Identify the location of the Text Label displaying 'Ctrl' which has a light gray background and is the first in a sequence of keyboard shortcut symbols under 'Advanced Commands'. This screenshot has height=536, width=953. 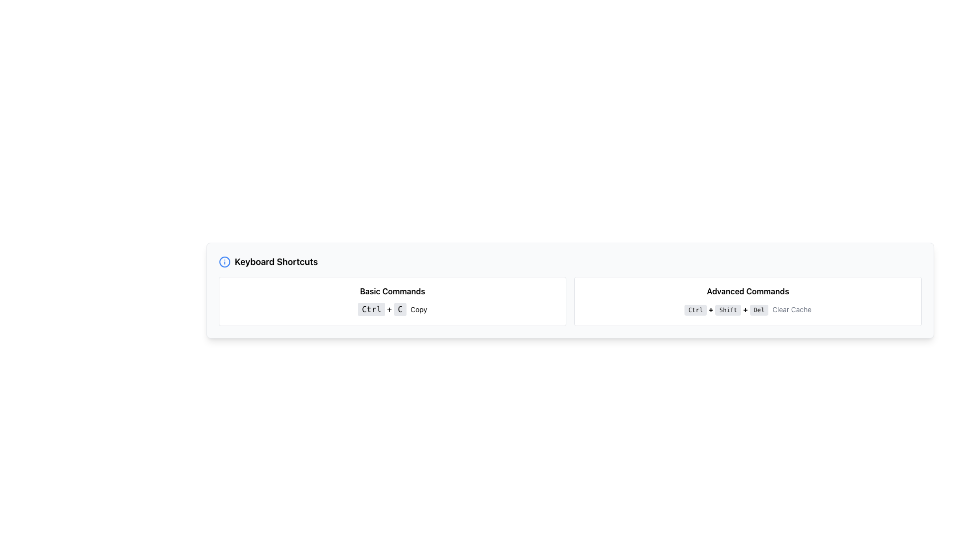
(695, 309).